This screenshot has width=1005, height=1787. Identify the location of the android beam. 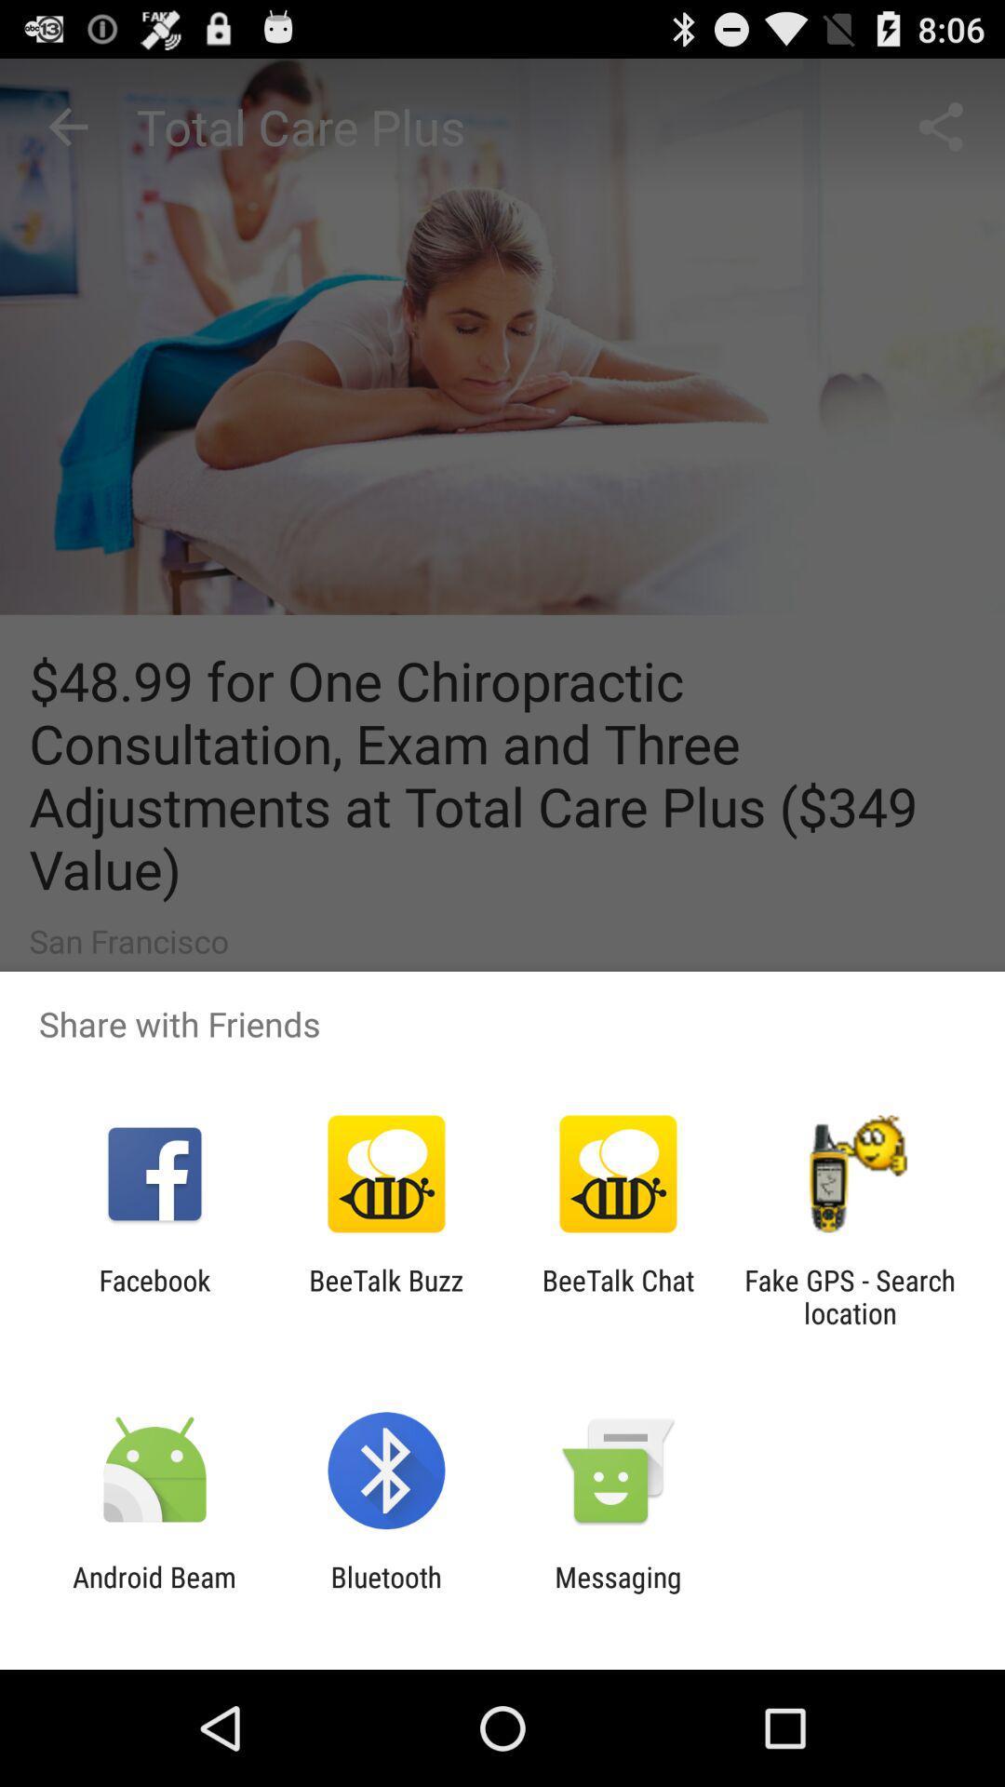
(154, 1592).